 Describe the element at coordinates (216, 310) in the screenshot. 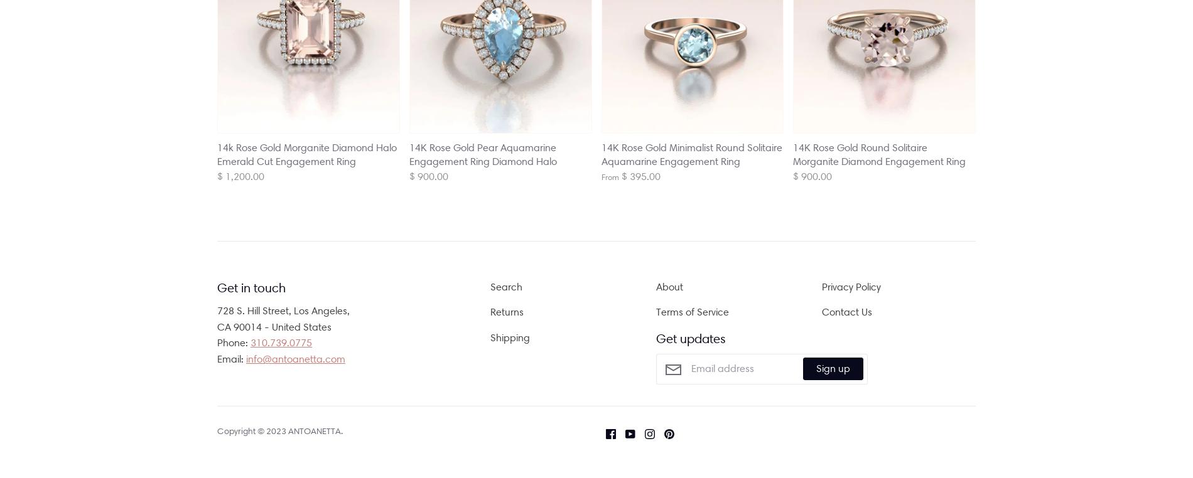

I see `'728 S. Hill Street, Los Angeles,'` at that location.